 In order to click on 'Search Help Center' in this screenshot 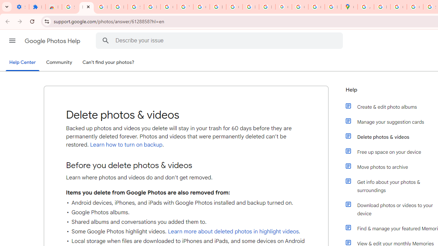, I will do `click(105, 40)`.